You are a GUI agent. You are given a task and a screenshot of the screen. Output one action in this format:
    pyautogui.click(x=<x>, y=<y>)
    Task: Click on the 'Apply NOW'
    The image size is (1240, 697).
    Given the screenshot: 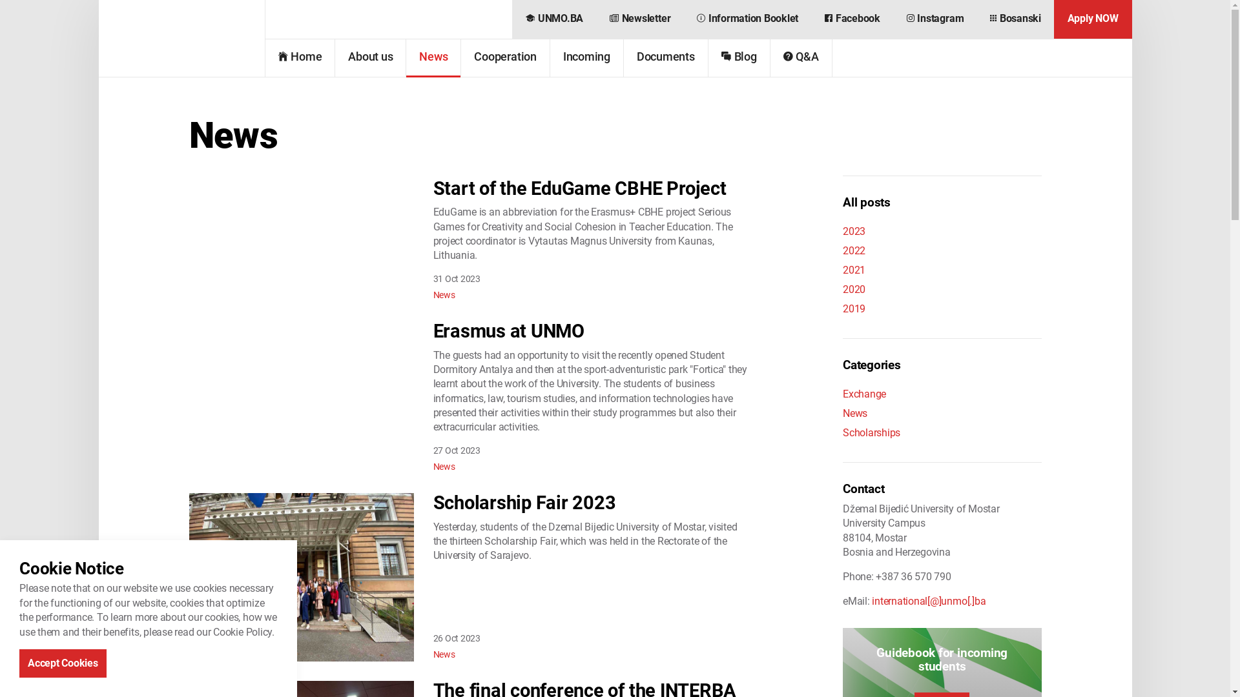 What is the action you would take?
    pyautogui.click(x=1054, y=19)
    